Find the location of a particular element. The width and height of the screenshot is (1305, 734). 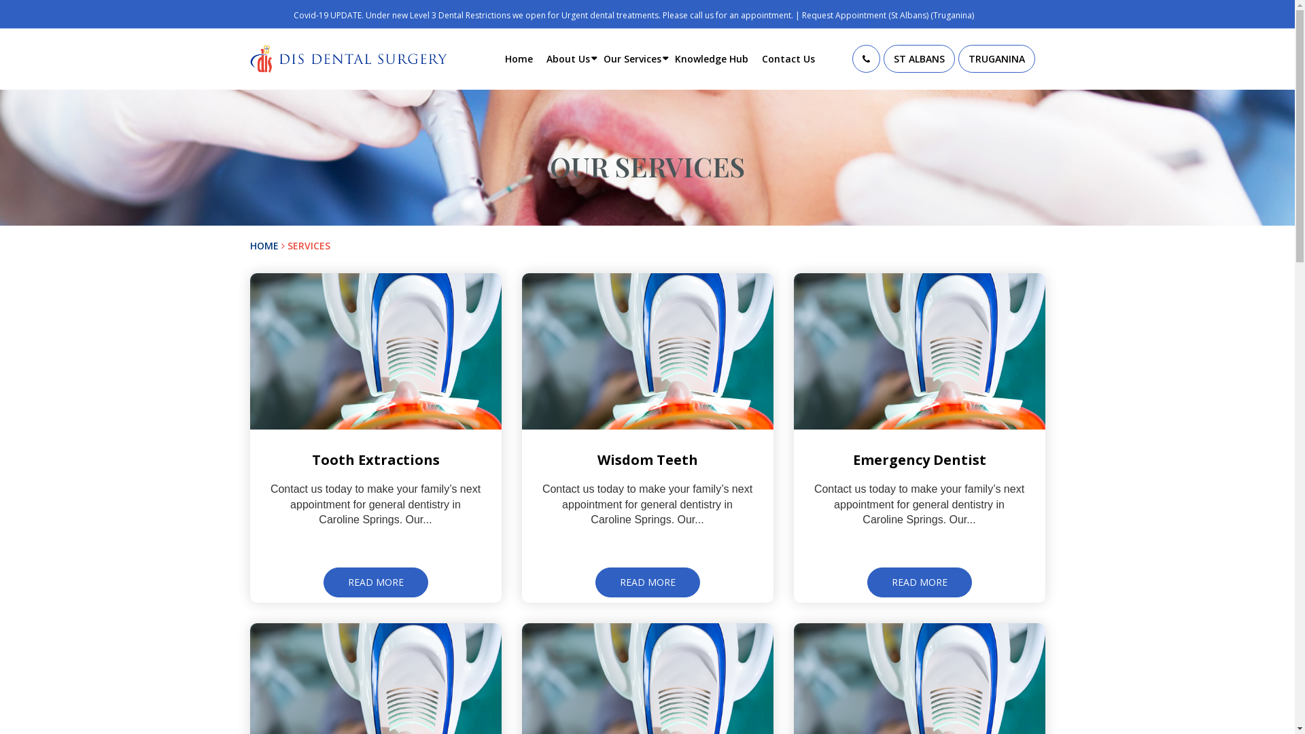

'(Truganina)' is located at coordinates (929, 15).